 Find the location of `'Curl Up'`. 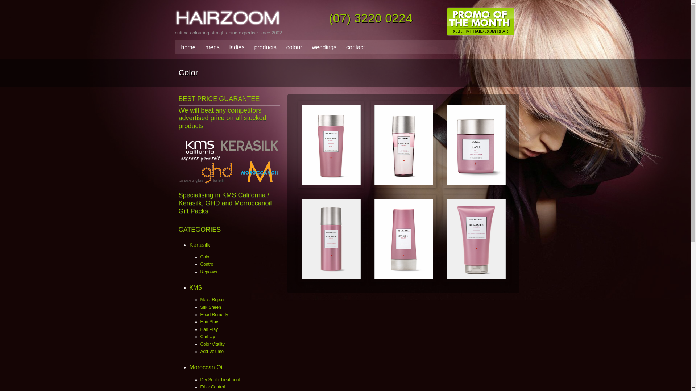

'Curl Up' is located at coordinates (207, 336).